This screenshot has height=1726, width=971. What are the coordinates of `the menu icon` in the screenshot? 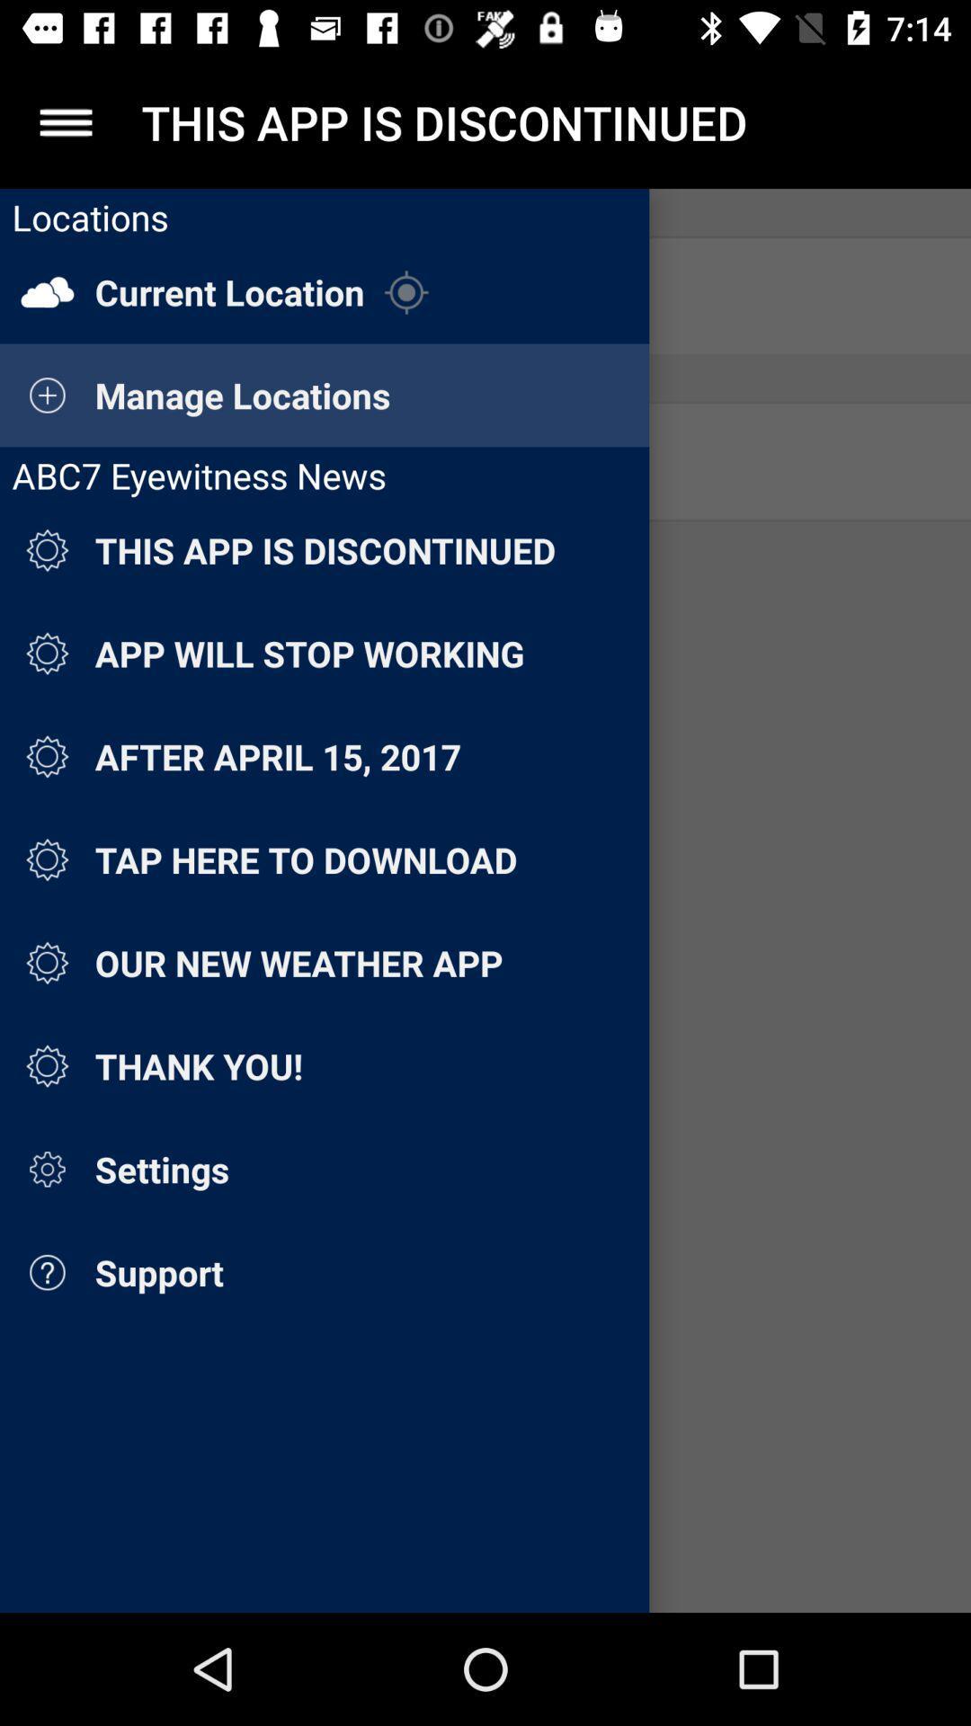 It's located at (65, 121).